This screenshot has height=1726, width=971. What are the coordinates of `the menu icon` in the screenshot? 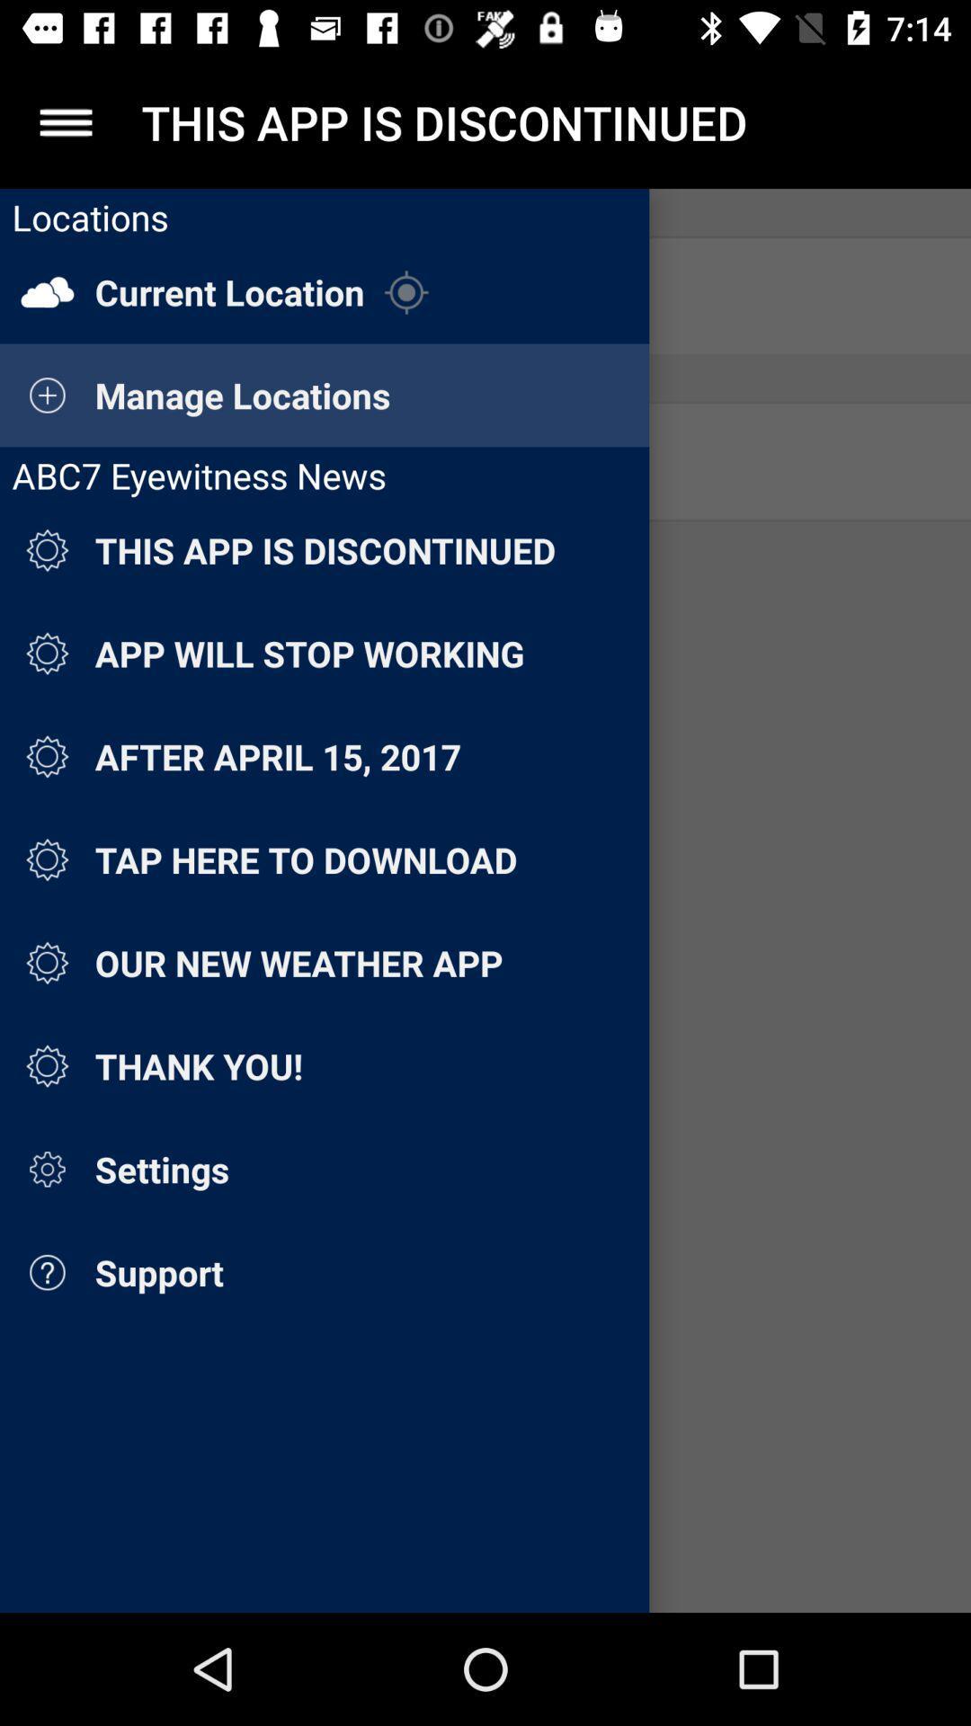 It's located at (65, 121).